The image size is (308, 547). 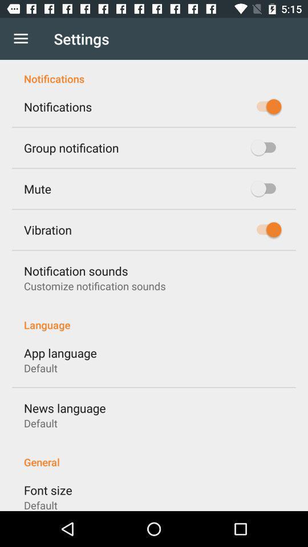 What do you see at coordinates (64, 408) in the screenshot?
I see `the icon below the default icon` at bounding box center [64, 408].